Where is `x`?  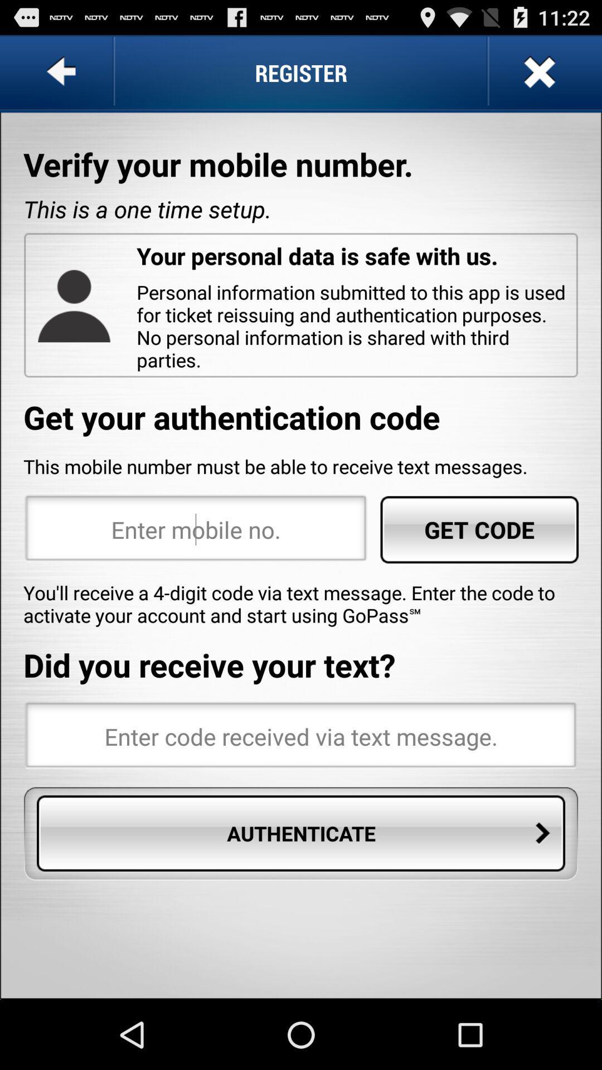 x is located at coordinates (537, 72).